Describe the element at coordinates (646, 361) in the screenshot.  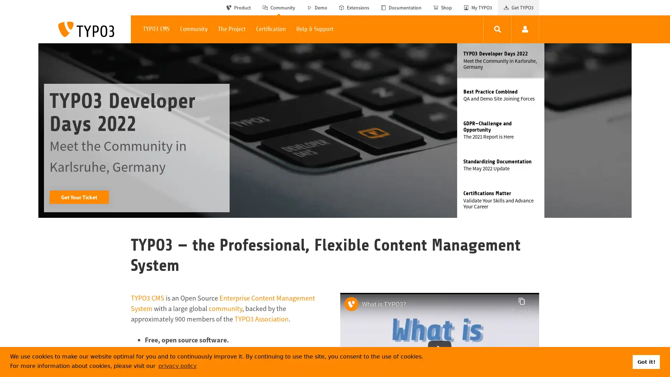
I see `dismiss cookie message` at that location.